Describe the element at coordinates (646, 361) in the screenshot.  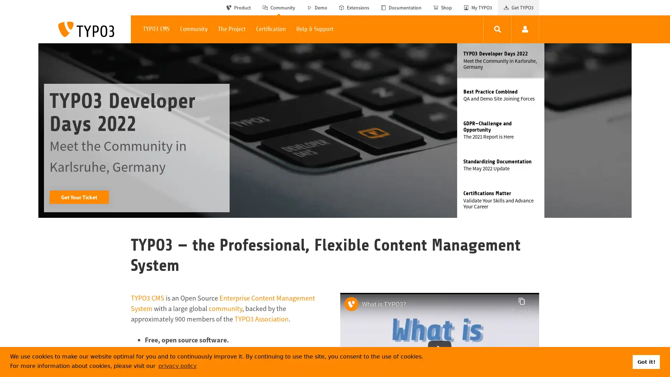
I see `dismiss cookie message` at that location.